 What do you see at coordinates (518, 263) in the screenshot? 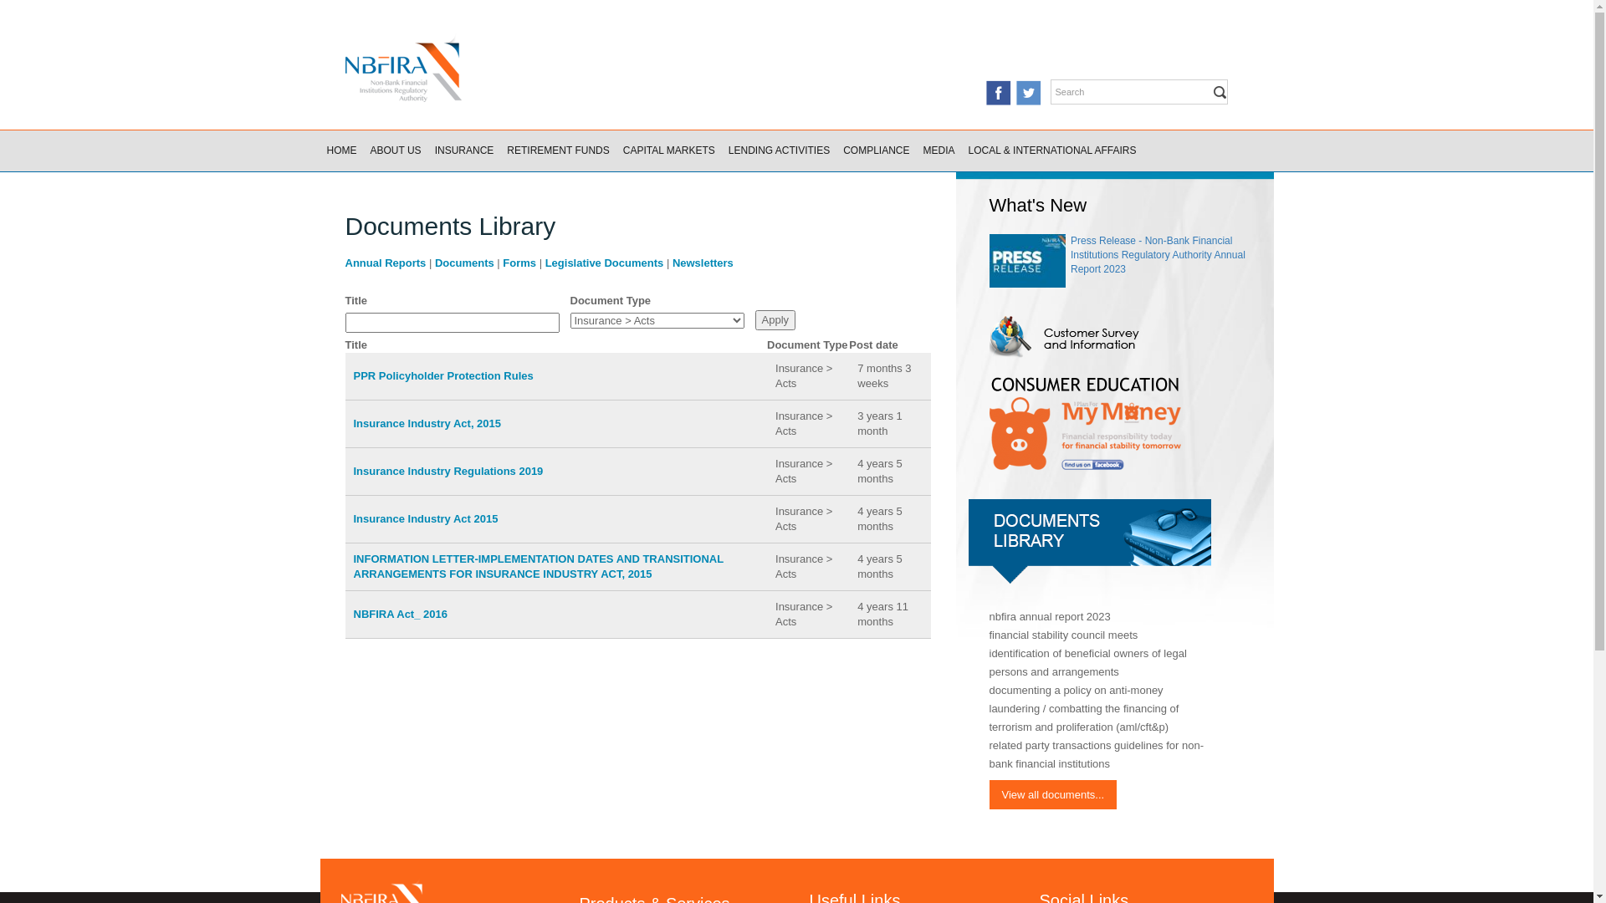
I see `'Forms'` at bounding box center [518, 263].